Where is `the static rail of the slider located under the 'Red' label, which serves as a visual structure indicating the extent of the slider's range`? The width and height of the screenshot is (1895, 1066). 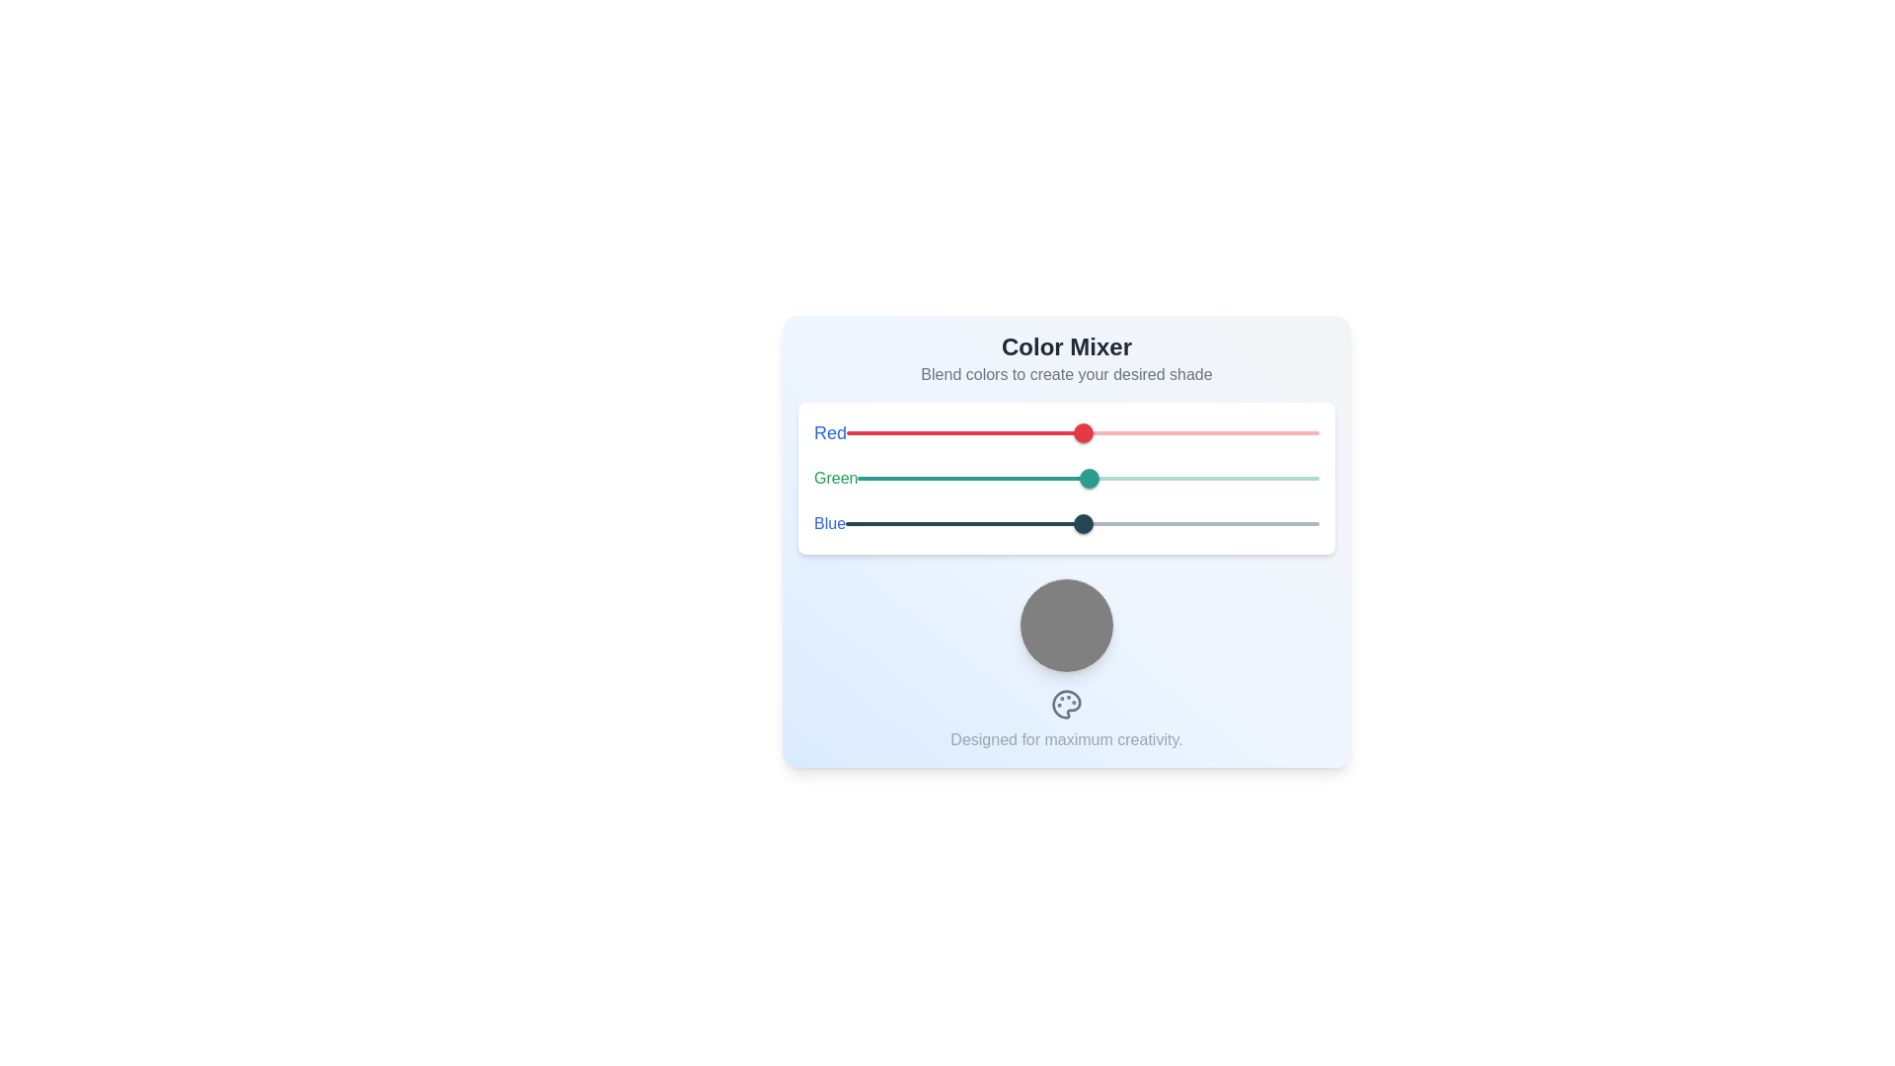
the static rail of the slider located under the 'Red' label, which serves as a visual structure indicating the extent of the slider's range is located at coordinates (1082, 432).